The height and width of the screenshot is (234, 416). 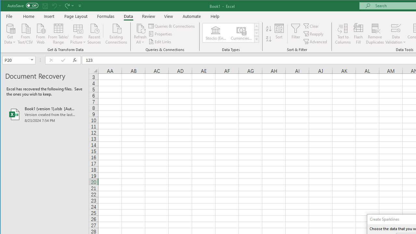 I want to click on 'Queries & Connections', so click(x=172, y=26).